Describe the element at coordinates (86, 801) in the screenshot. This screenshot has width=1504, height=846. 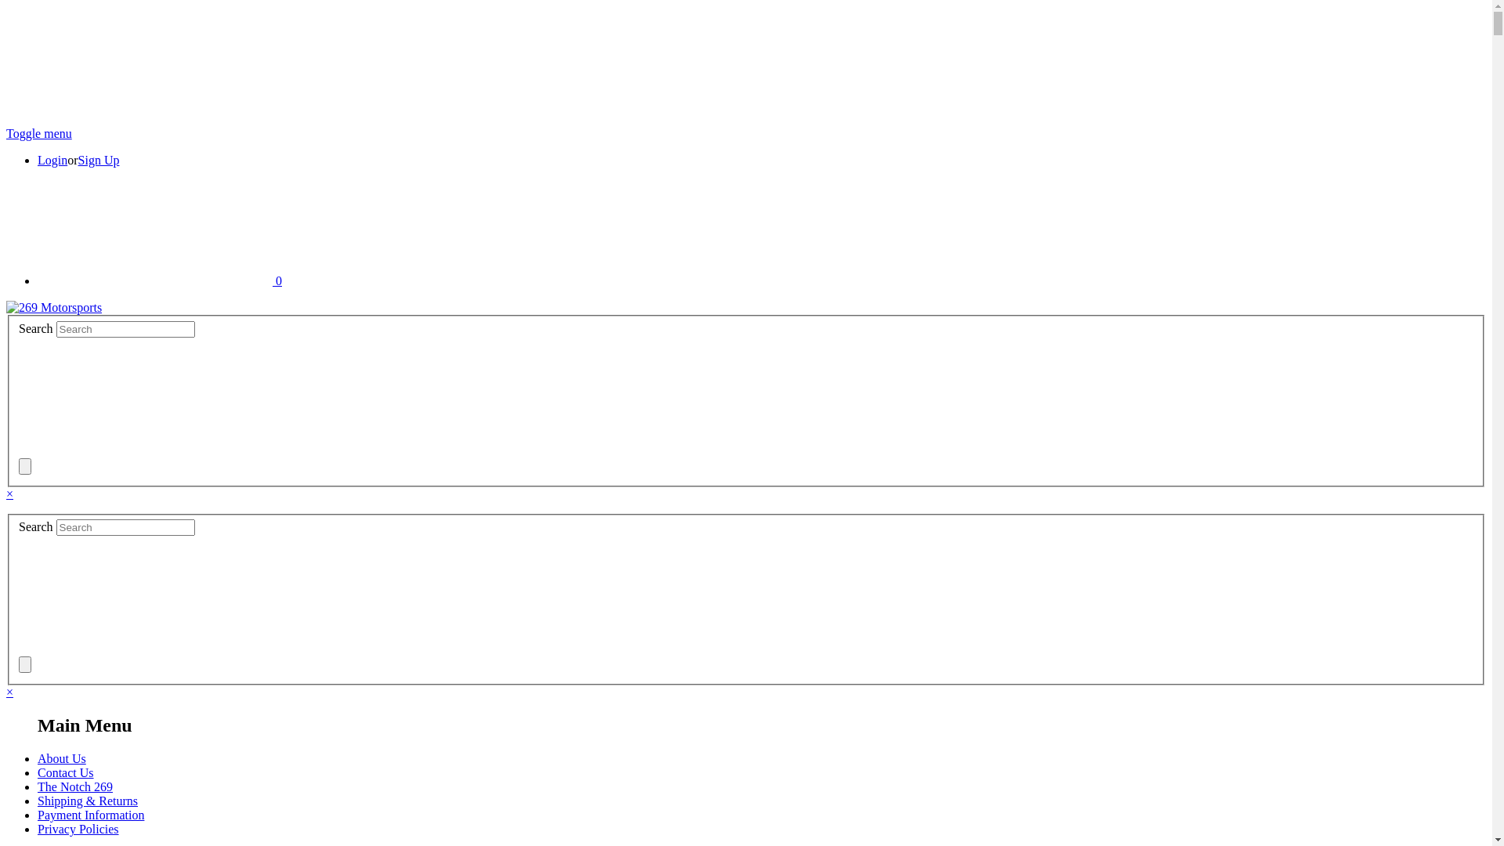
I see `'Shipping & Returns'` at that location.